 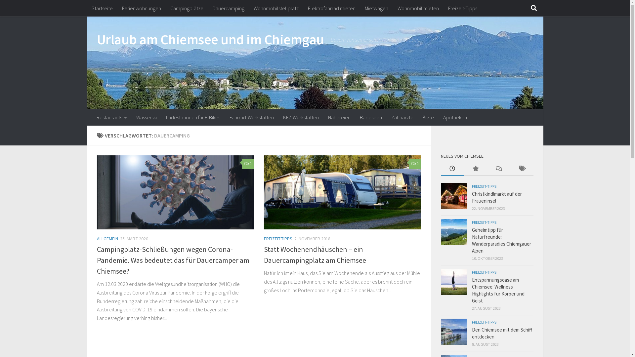 What do you see at coordinates (496, 197) in the screenshot?
I see `'Christkindlmarkt auf der Fraueninsel'` at bounding box center [496, 197].